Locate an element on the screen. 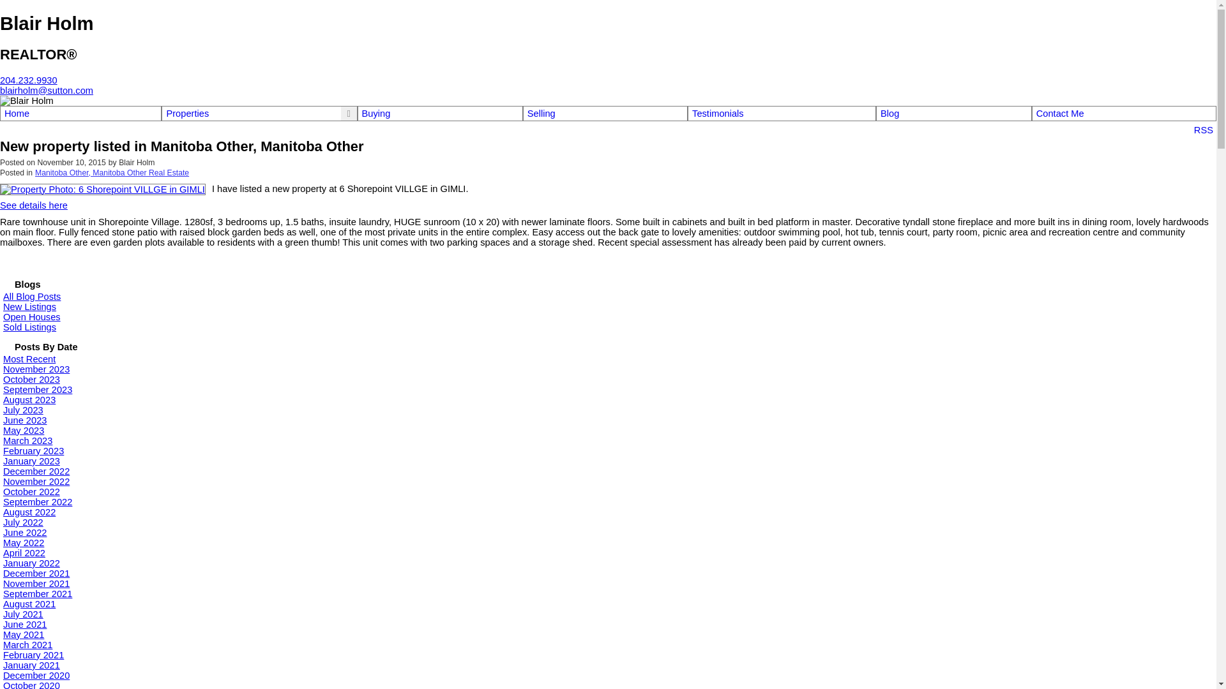  'All Blog Posts' is located at coordinates (31, 297).